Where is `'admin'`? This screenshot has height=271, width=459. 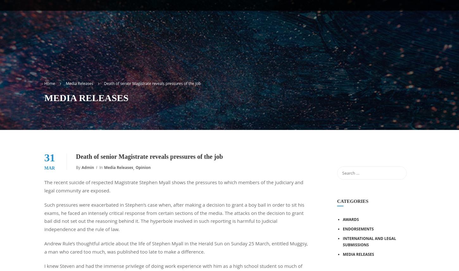 'admin' is located at coordinates (81, 167).